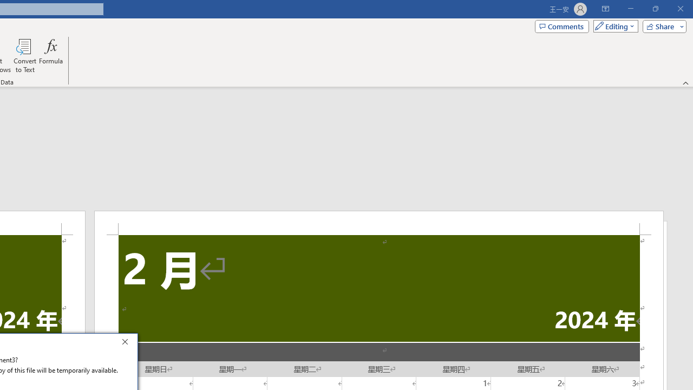 This screenshot has width=693, height=390. What do you see at coordinates (662, 25) in the screenshot?
I see `'Share'` at bounding box center [662, 25].